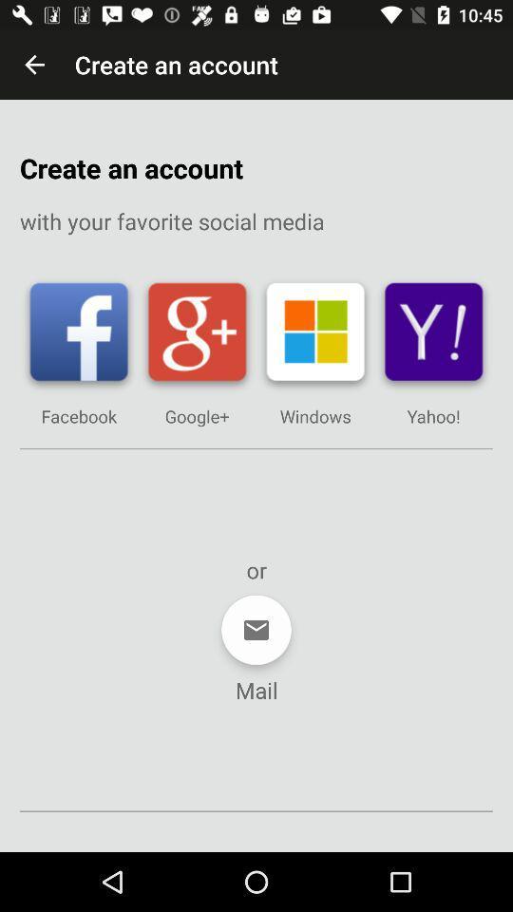 The image size is (513, 912). What do you see at coordinates (256, 630) in the screenshot?
I see `item below or` at bounding box center [256, 630].